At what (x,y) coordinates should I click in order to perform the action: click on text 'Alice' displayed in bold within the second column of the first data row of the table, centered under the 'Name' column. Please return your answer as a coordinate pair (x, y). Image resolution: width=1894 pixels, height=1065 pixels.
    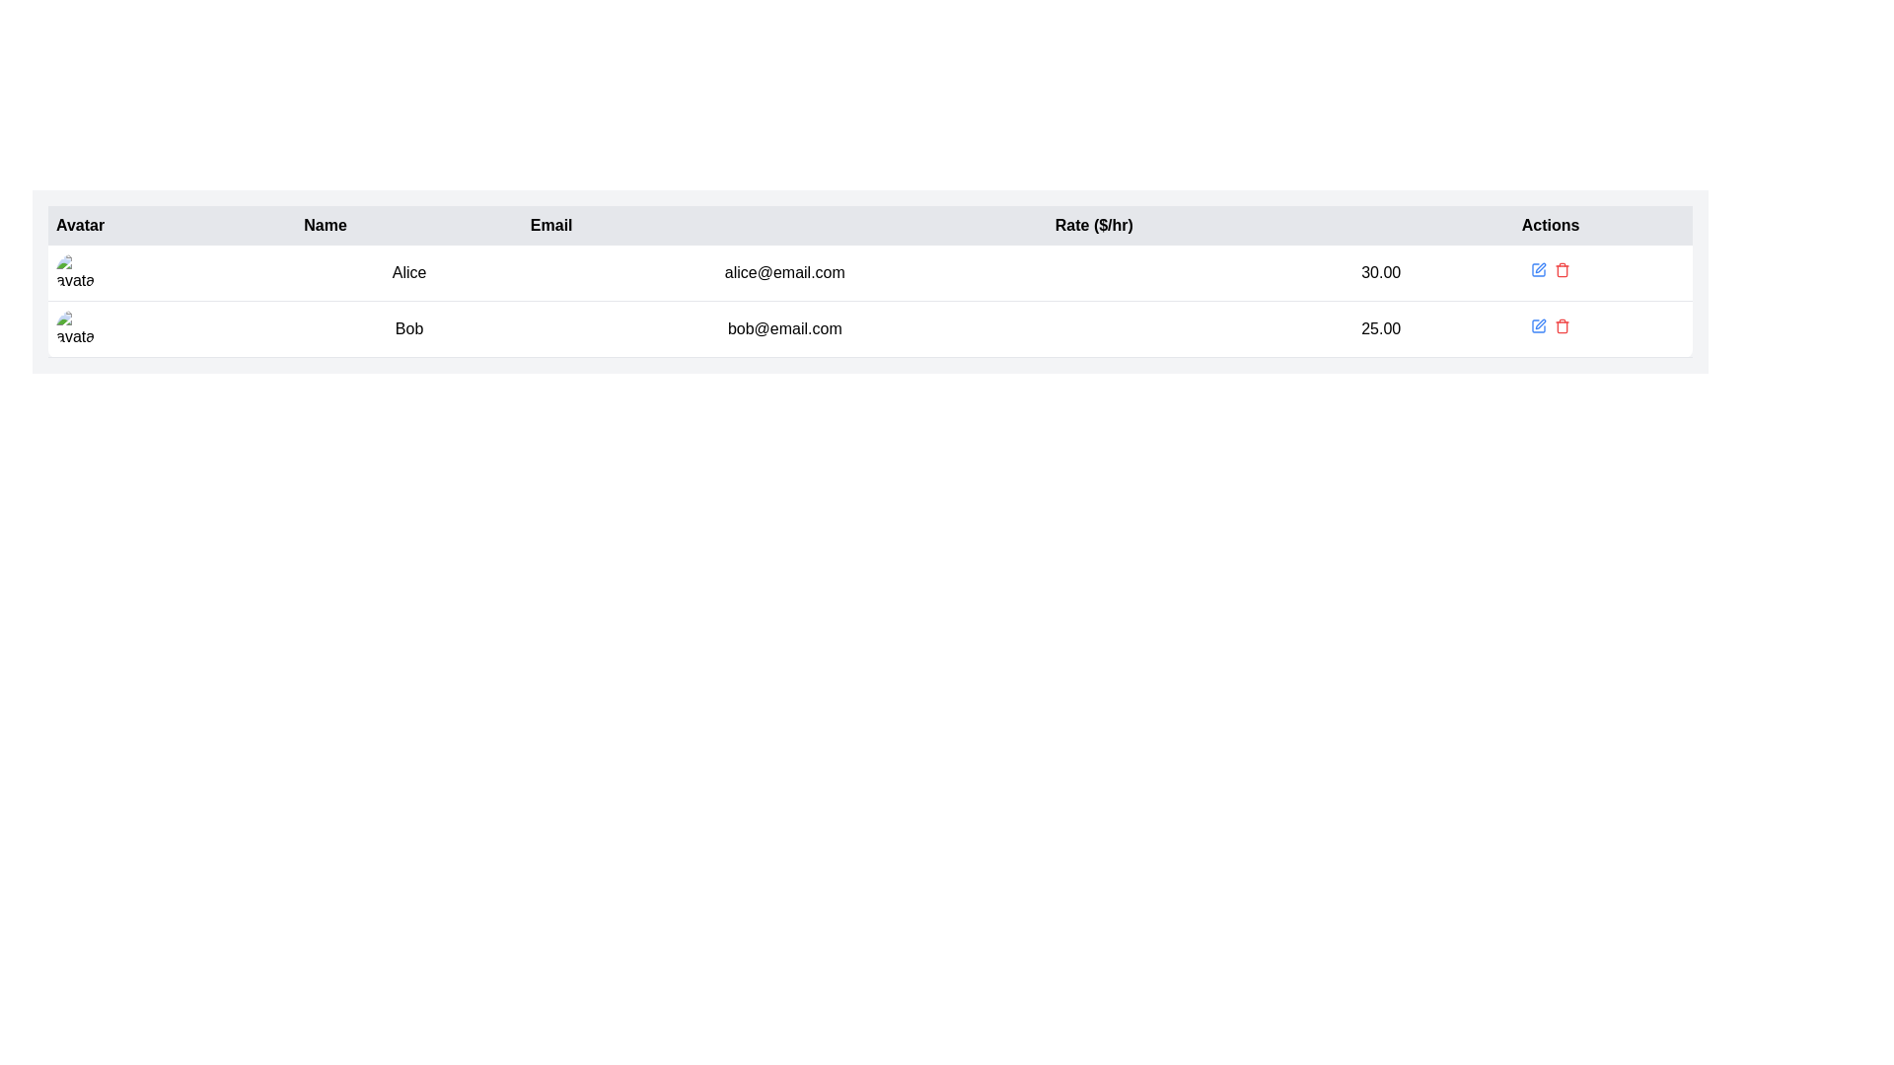
    Looking at the image, I should click on (408, 273).